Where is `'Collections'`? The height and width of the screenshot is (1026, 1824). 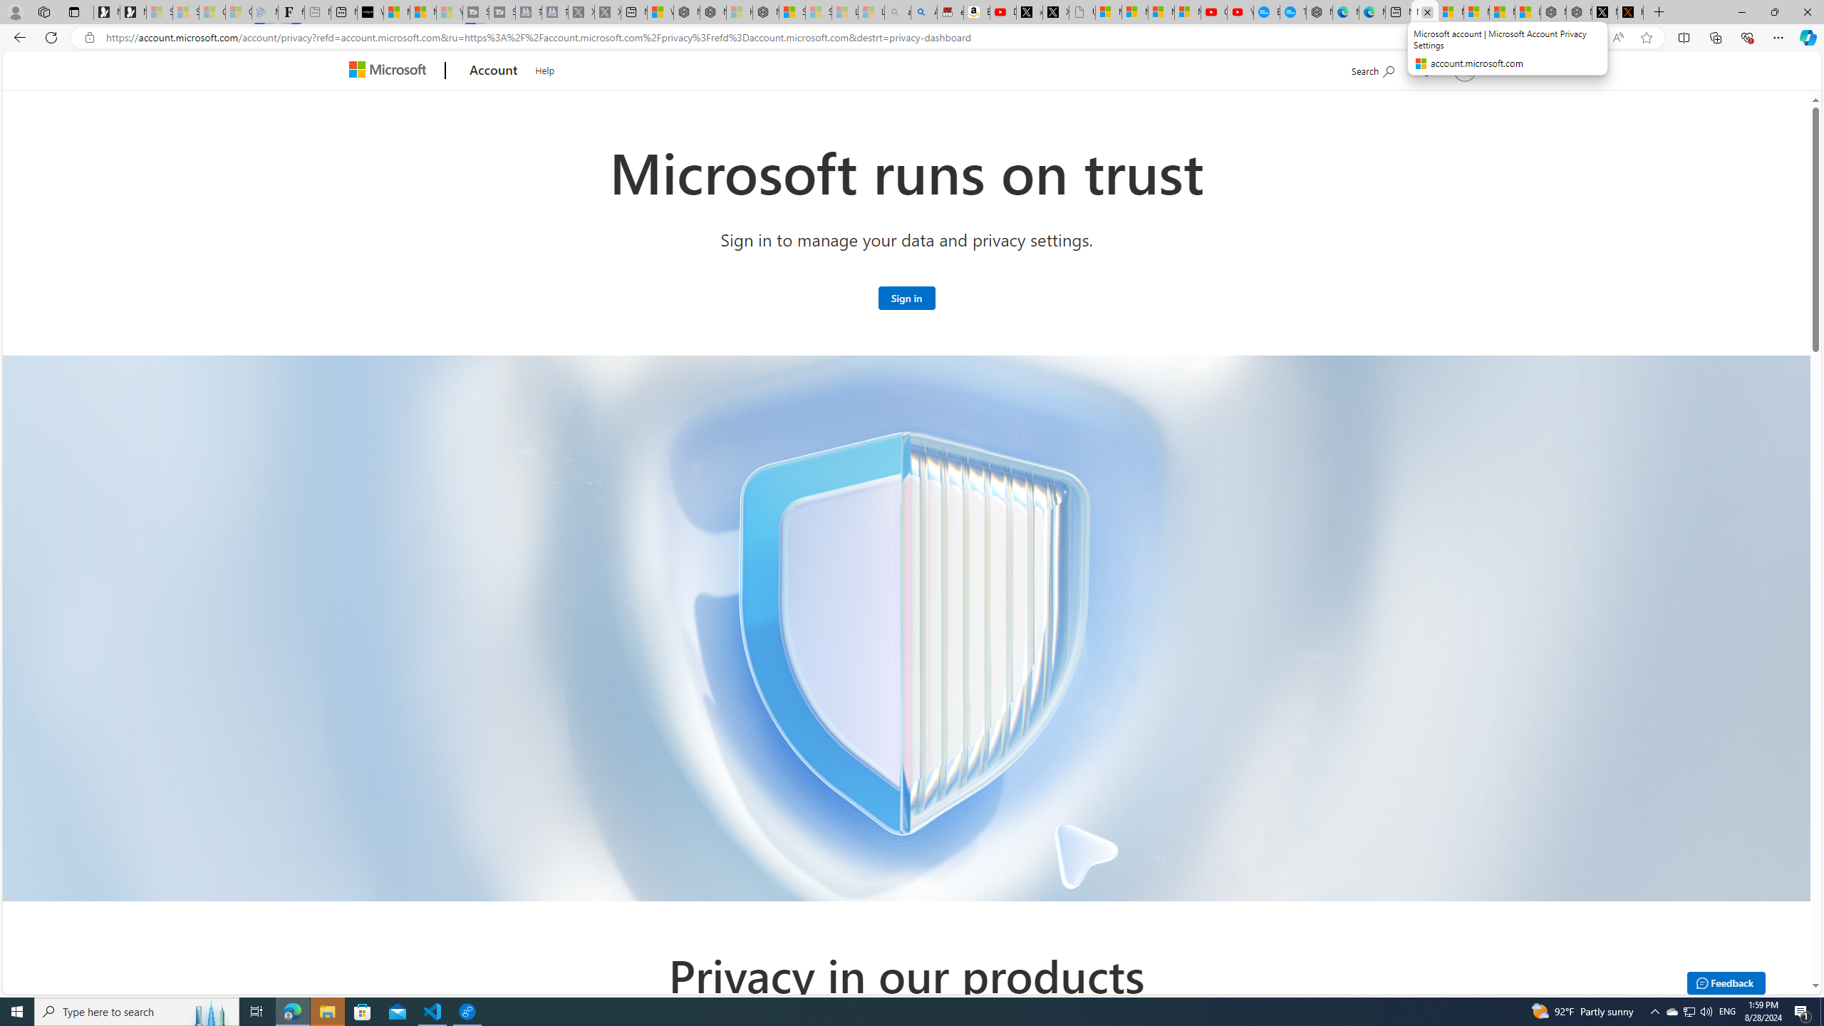 'Collections' is located at coordinates (1714, 36).